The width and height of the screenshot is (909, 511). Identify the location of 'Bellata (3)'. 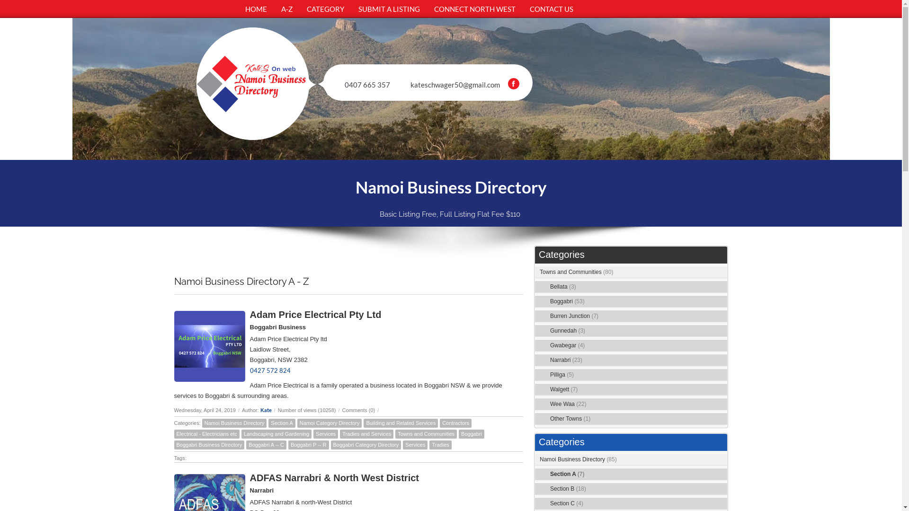
(563, 286).